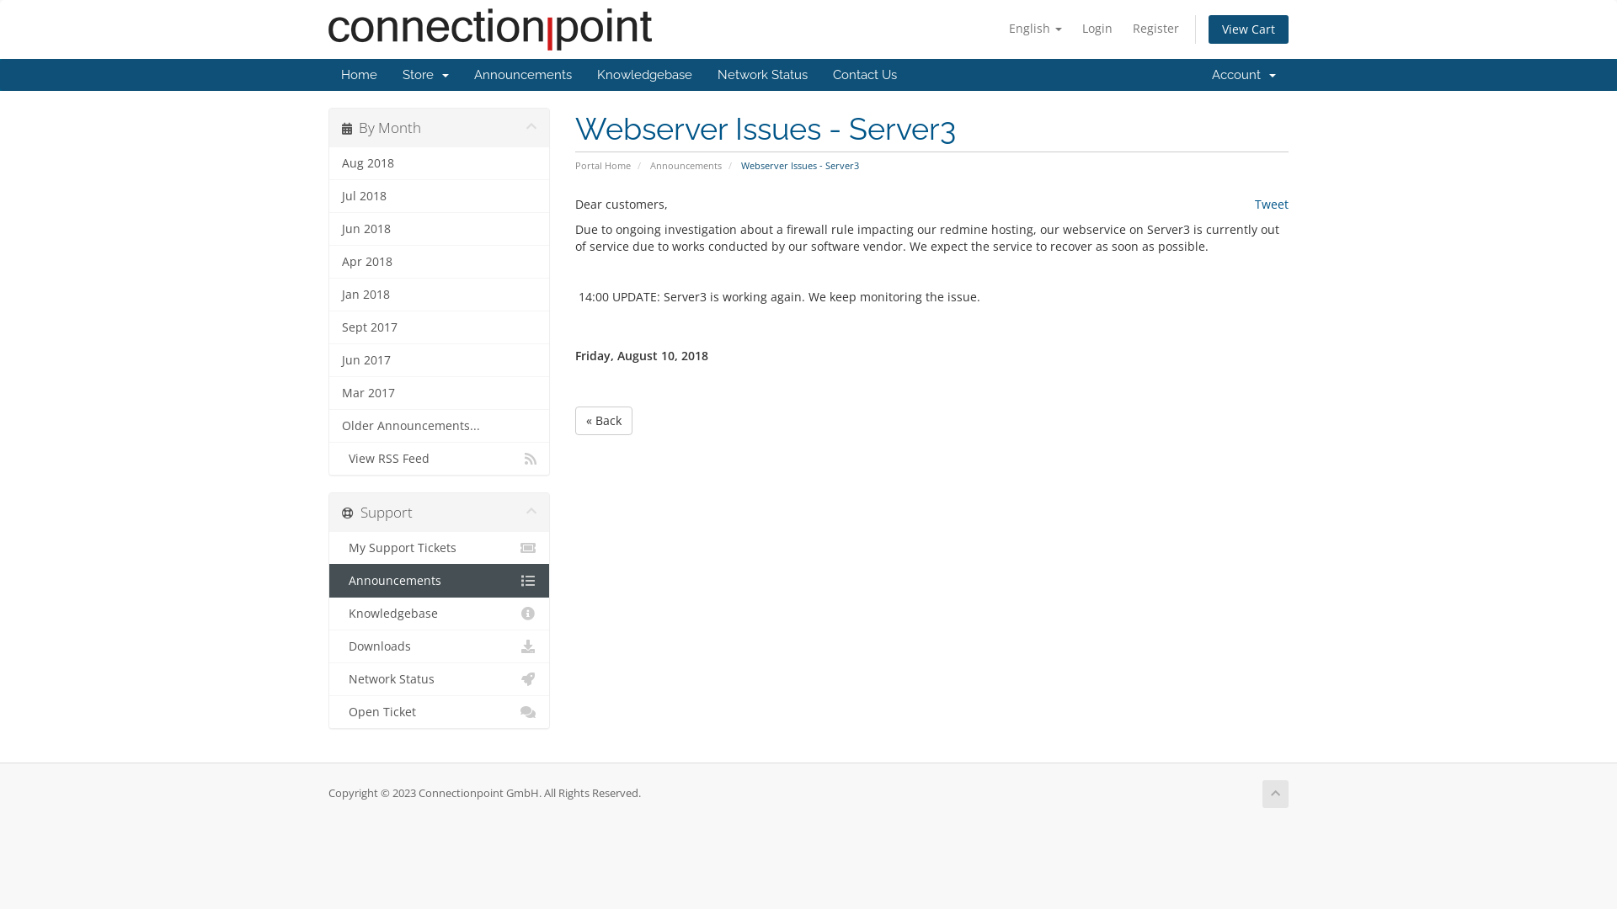  Describe the element at coordinates (439, 359) in the screenshot. I see `'Jun 2017'` at that location.